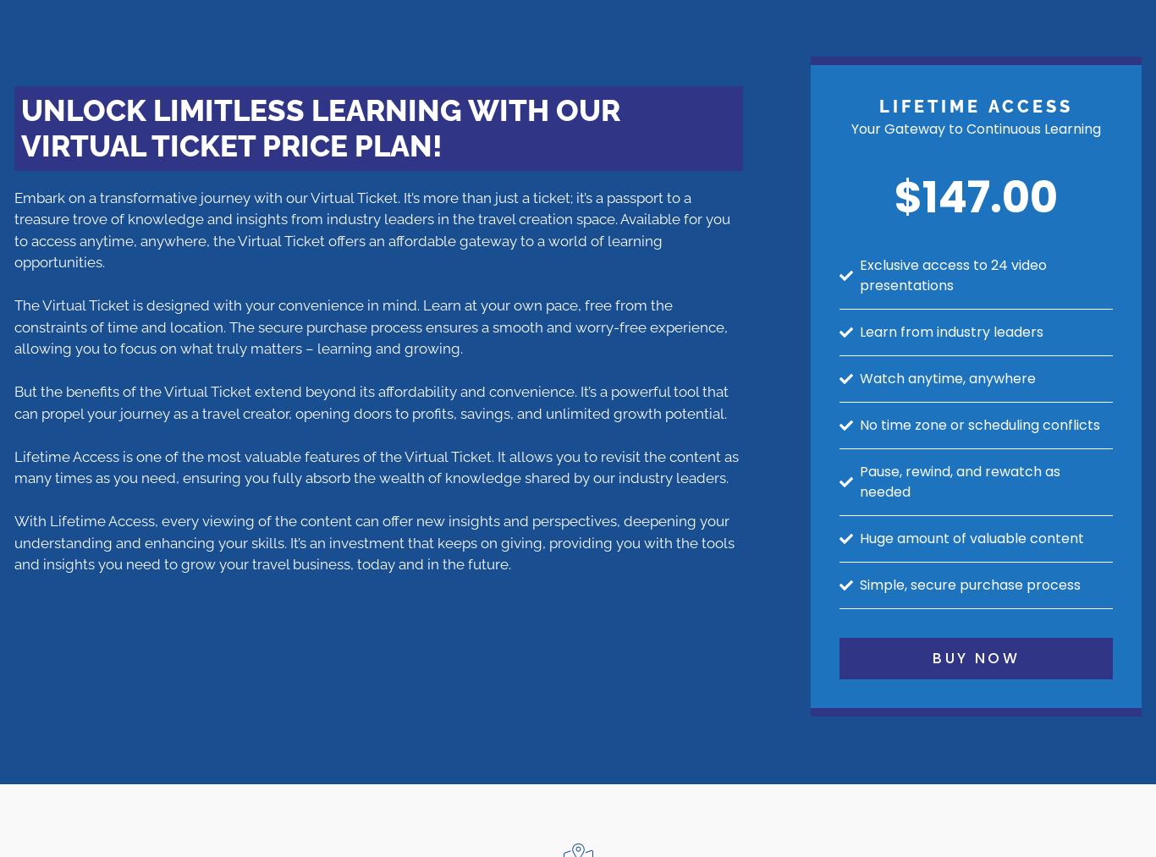 The image size is (1156, 857). I want to click on 'lifetime Access', so click(976, 106).